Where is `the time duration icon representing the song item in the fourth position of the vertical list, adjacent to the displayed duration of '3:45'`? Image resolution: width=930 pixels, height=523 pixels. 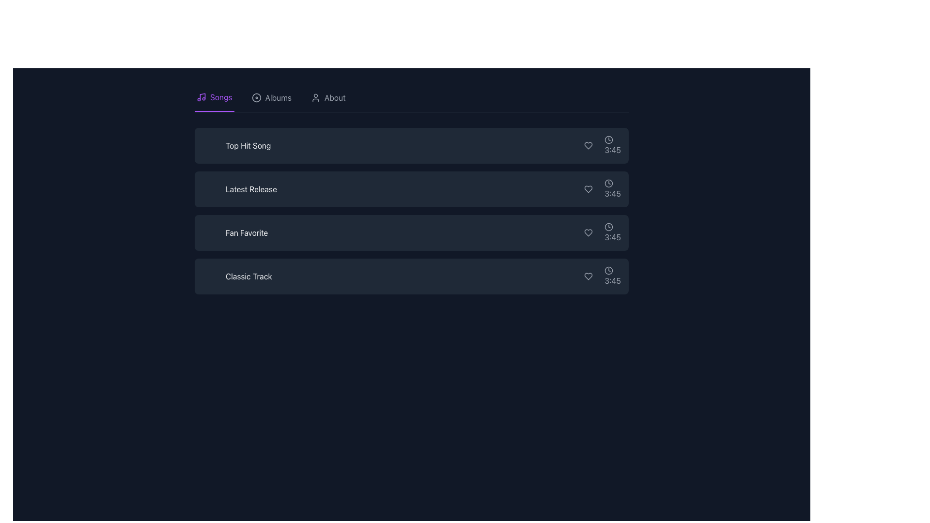 the time duration icon representing the song item in the fourth position of the vertical list, adjacent to the displayed duration of '3:45' is located at coordinates (608, 183).